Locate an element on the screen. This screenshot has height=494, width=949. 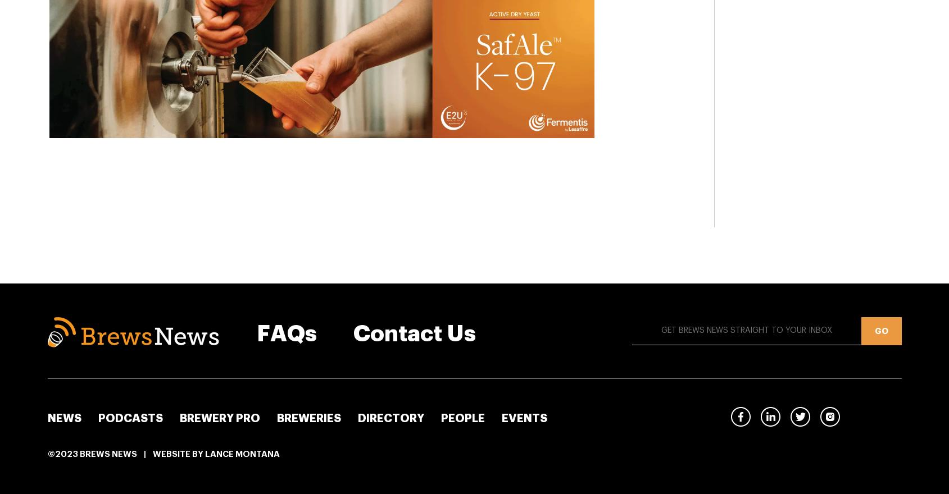
'Instagram' is located at coordinates (861, 416).